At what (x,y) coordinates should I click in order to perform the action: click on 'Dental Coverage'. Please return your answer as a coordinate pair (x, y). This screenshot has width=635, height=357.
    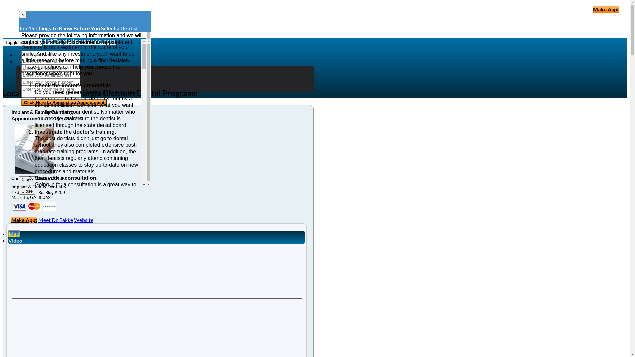
    Looking at the image, I should click on (48, 75).